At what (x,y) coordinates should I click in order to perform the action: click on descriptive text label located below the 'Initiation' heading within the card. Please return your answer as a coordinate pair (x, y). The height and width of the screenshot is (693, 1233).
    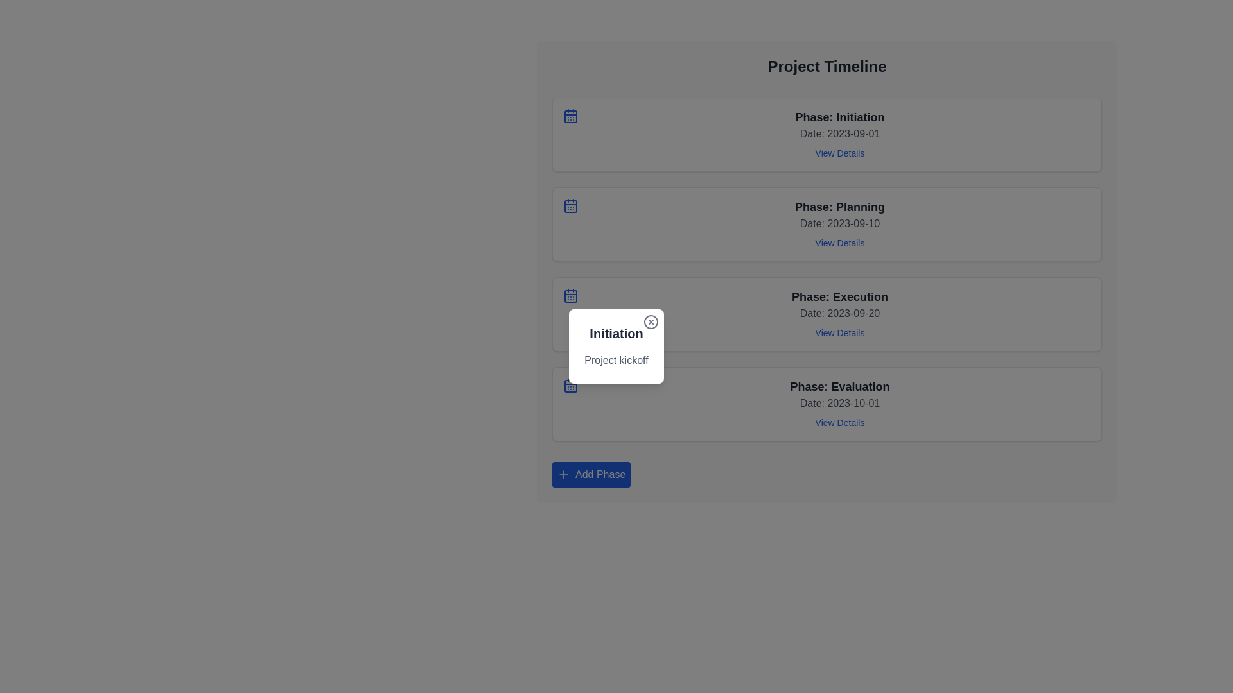
    Looking at the image, I should click on (616, 361).